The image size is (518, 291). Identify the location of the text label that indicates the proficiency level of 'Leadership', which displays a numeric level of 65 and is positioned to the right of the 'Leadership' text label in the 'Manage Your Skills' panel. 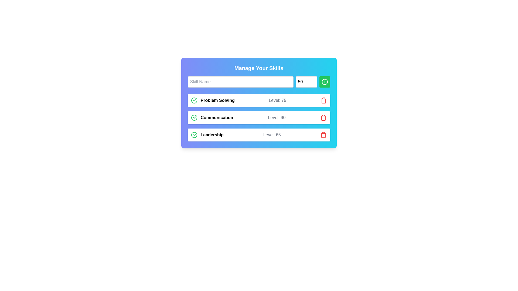
(272, 135).